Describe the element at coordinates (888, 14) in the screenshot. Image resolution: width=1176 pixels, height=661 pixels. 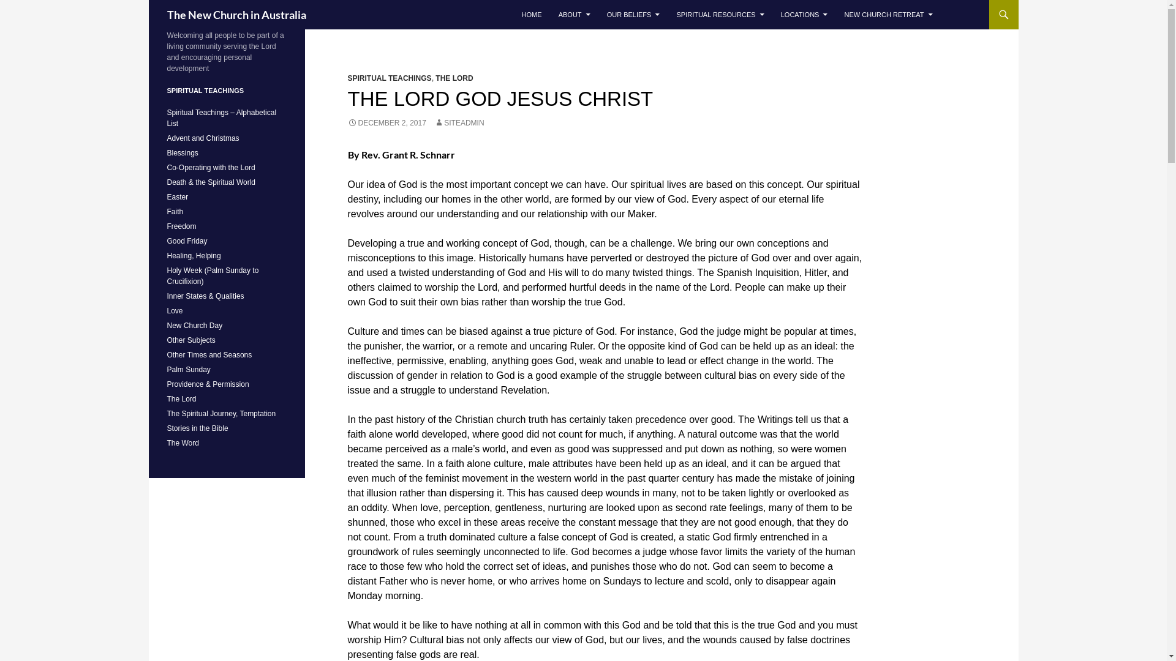
I see `'NEW CHURCH RETREAT'` at that location.